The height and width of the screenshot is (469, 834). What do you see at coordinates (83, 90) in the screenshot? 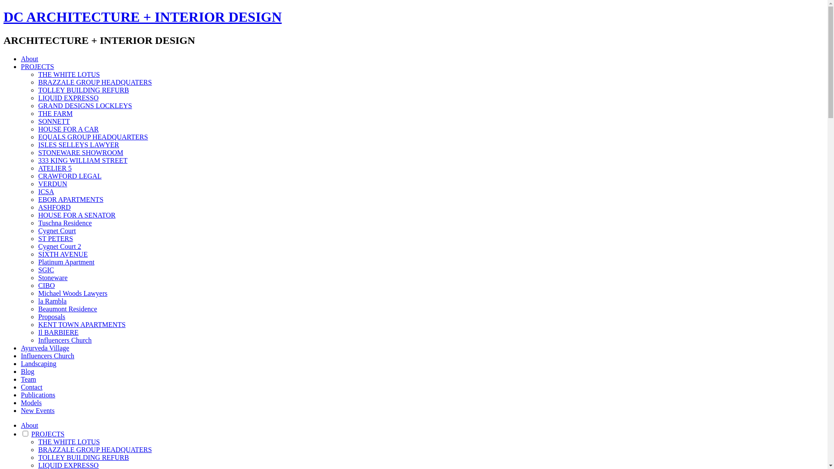
I see `'TOLLEY BUILDING REFURB'` at bounding box center [83, 90].